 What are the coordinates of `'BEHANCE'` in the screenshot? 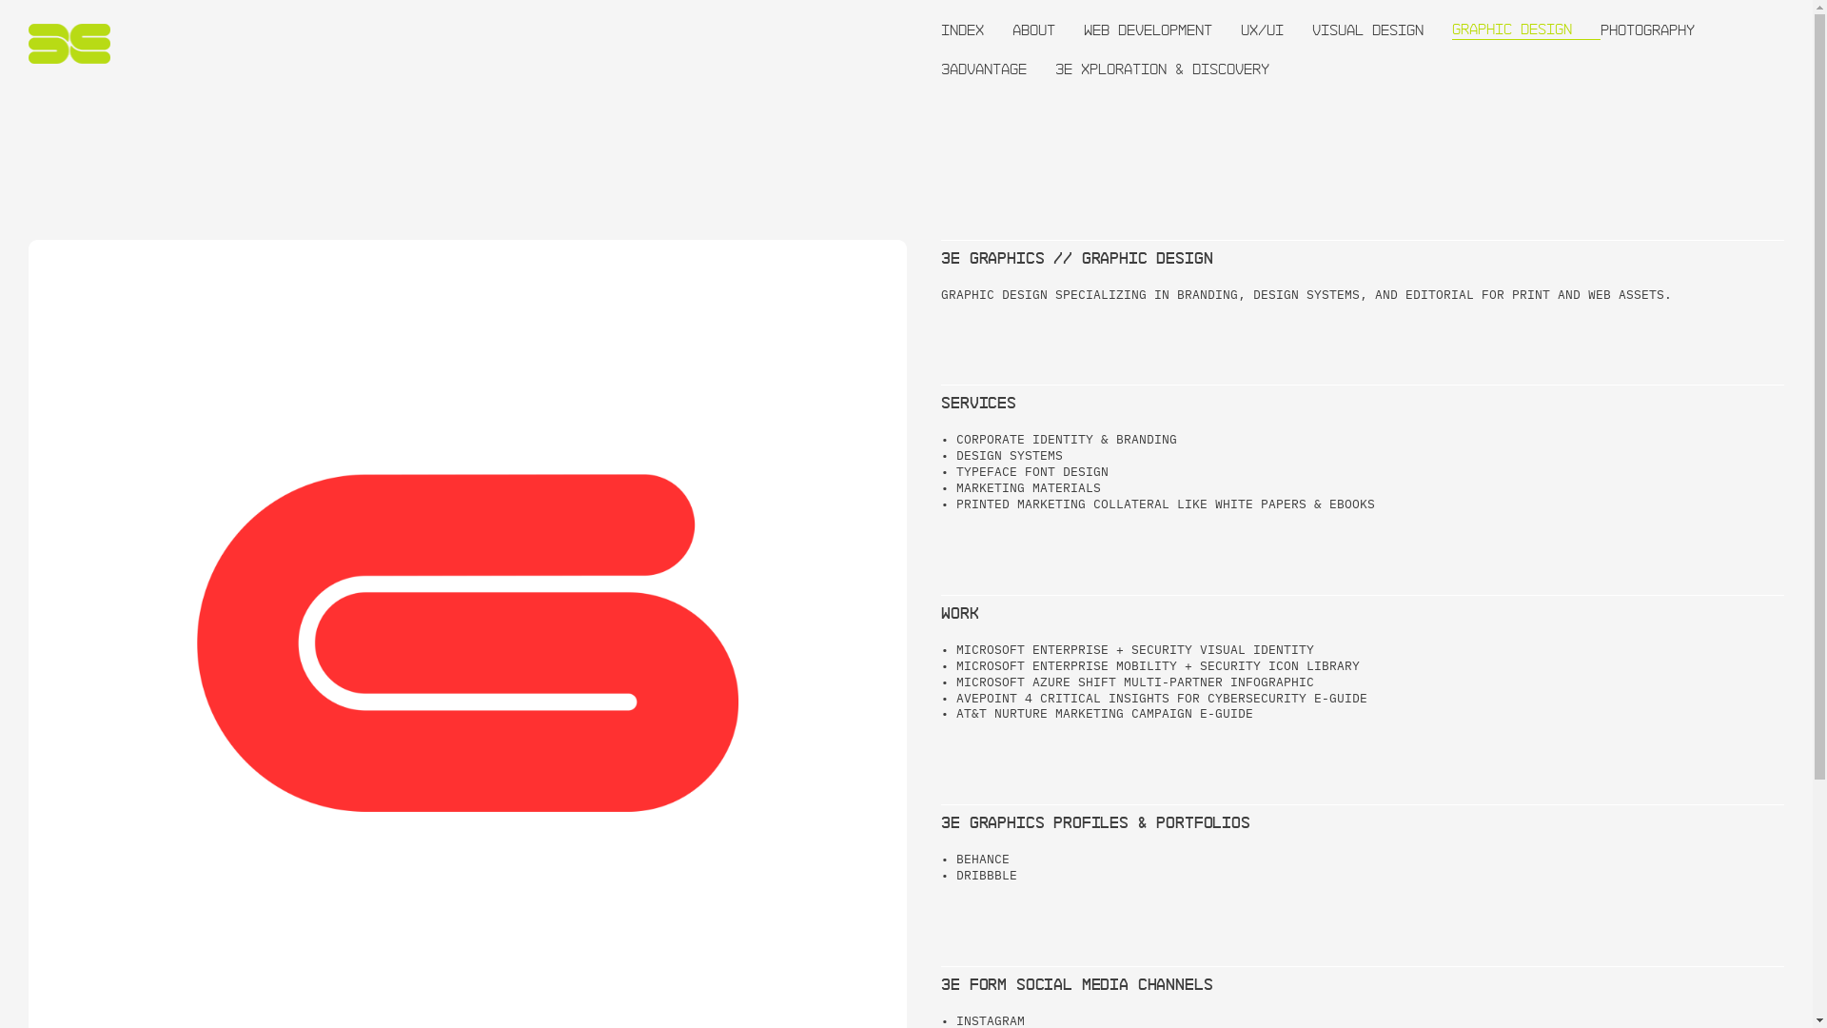 It's located at (982, 859).